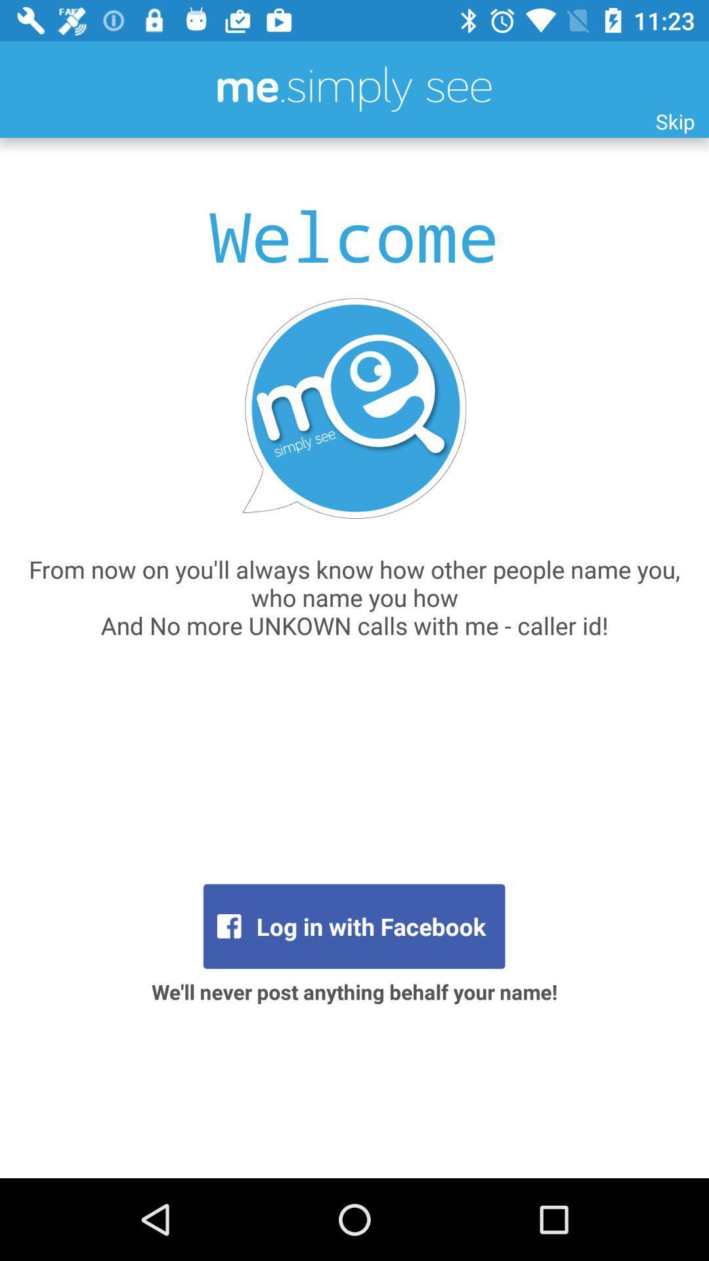 This screenshot has width=709, height=1261. I want to click on item below from now on item, so click(353, 925).